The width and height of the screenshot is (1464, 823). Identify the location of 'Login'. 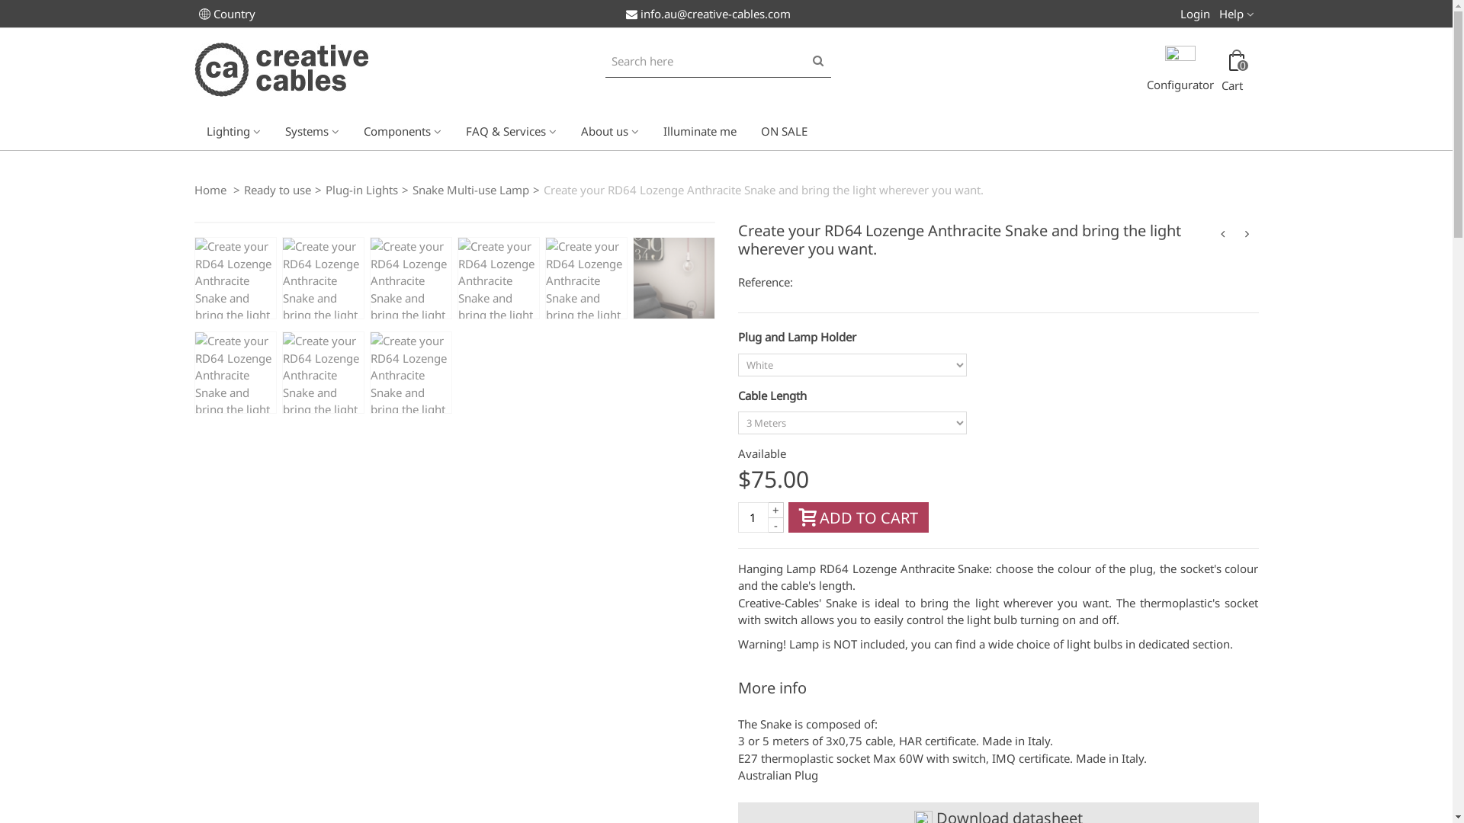
(1194, 11).